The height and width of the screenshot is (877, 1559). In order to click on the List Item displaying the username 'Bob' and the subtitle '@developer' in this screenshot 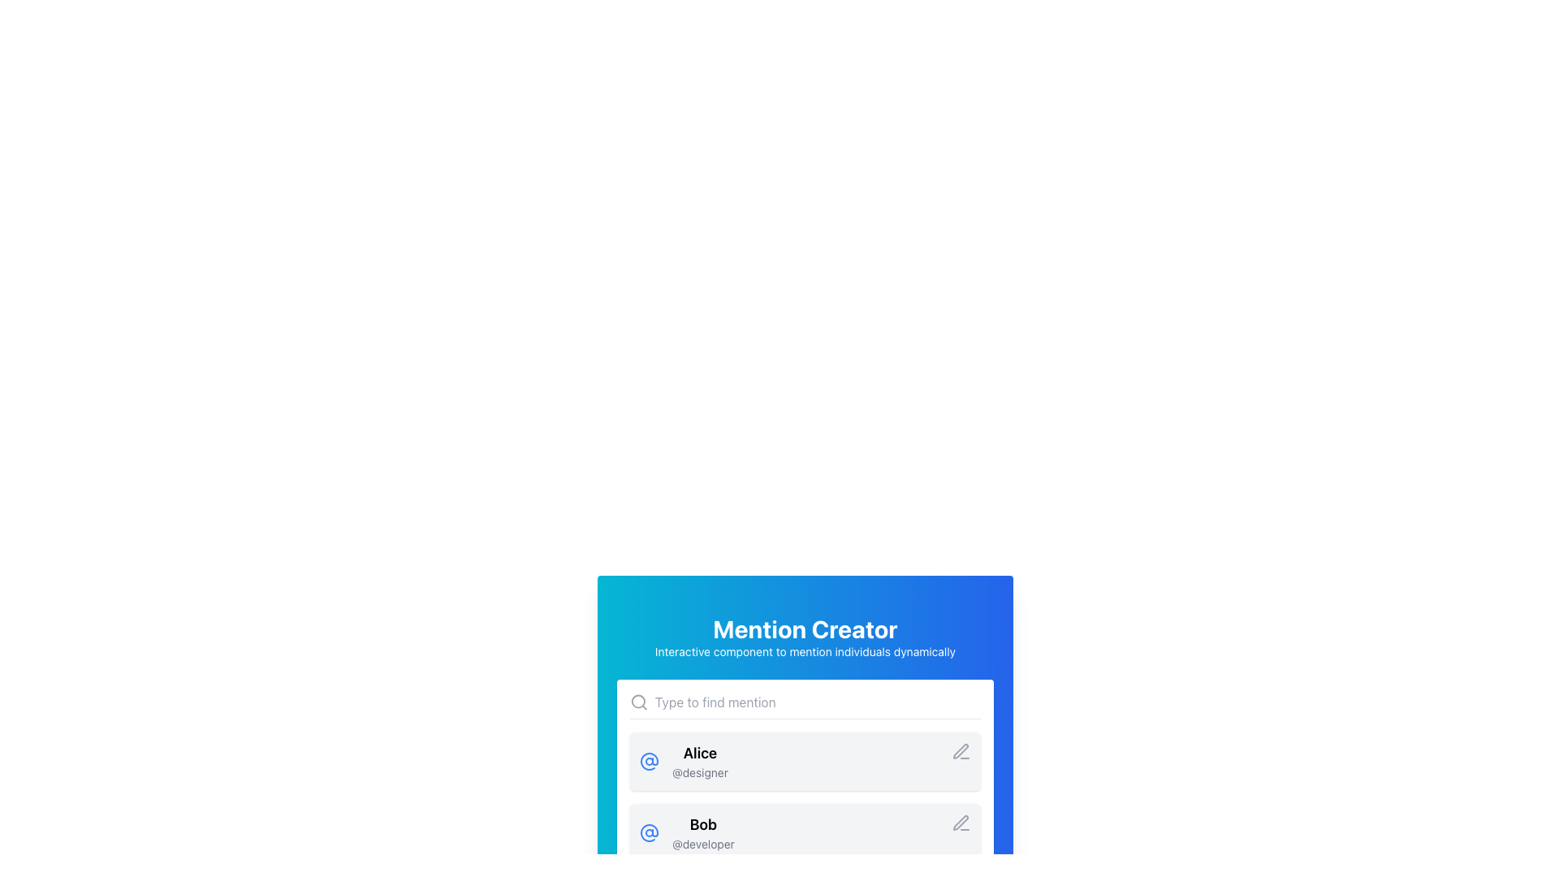, I will do `click(687, 833)`.